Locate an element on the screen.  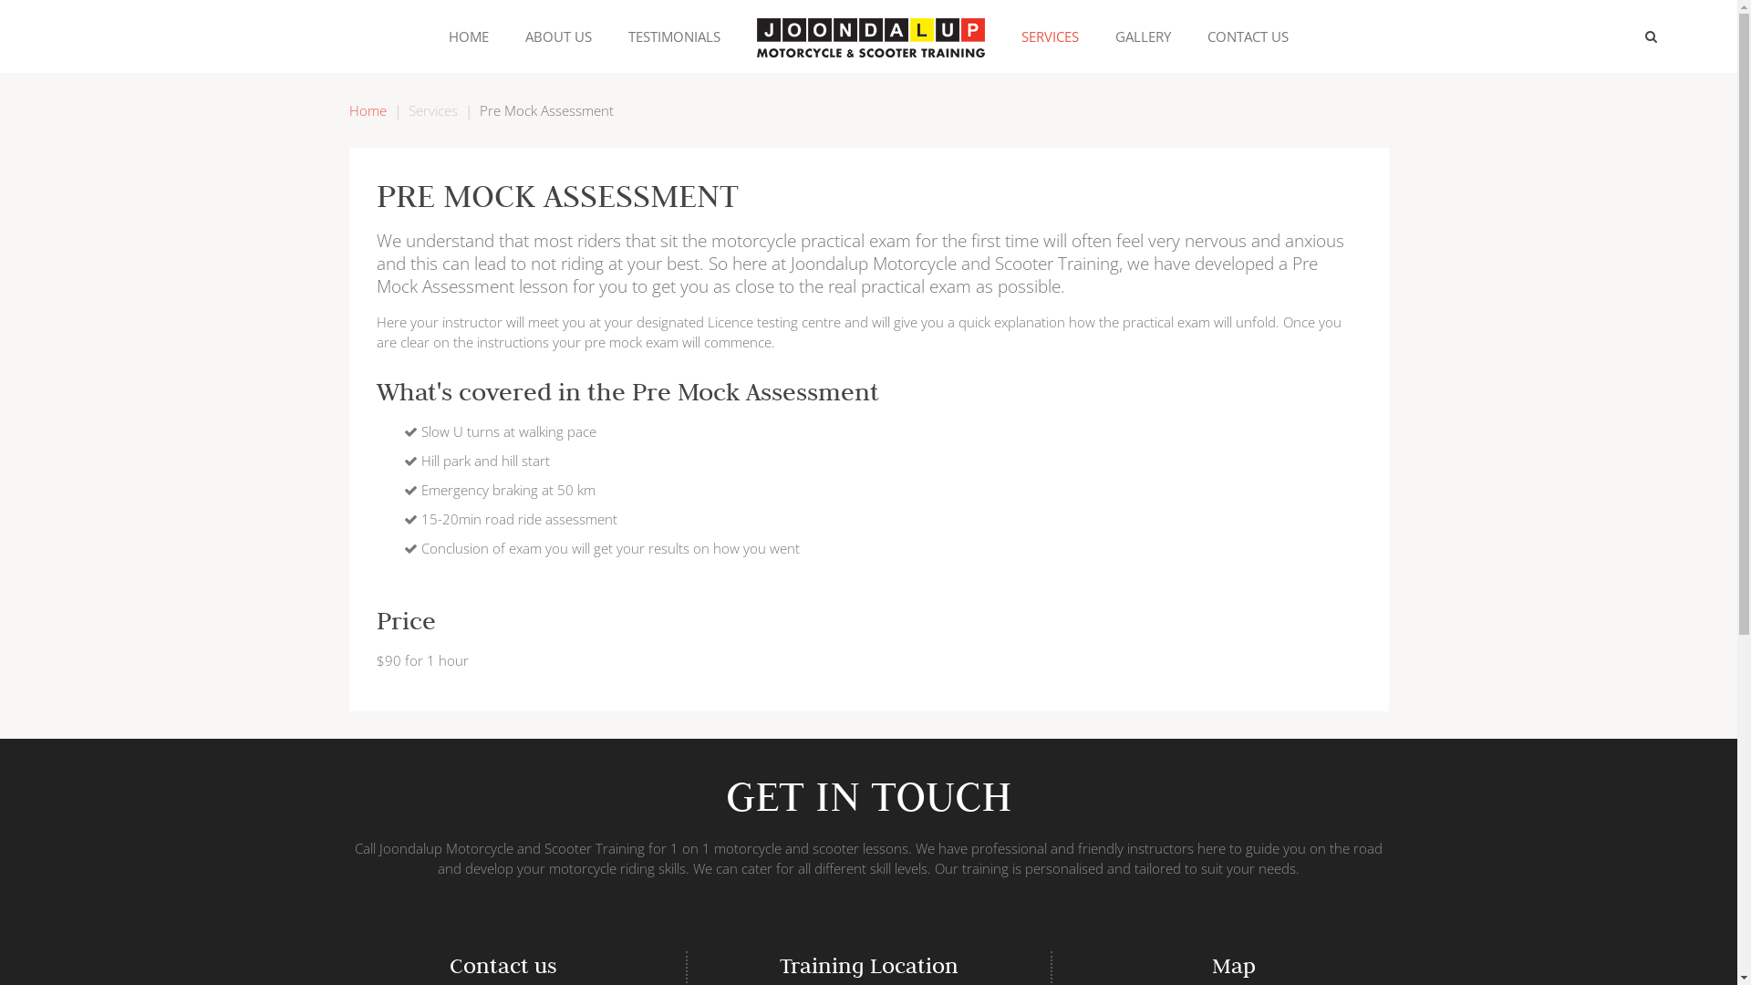
'GALLERY' is located at coordinates (1142, 36).